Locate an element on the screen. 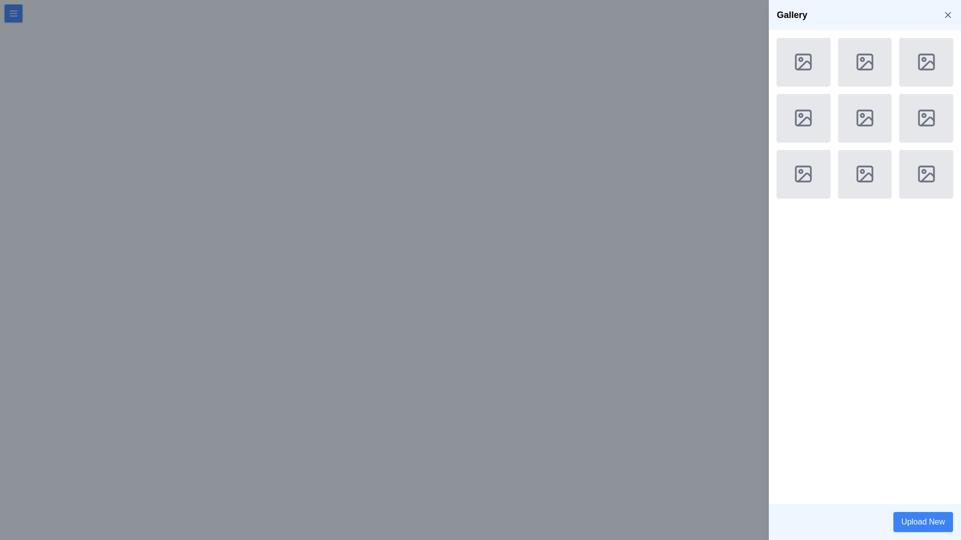 The width and height of the screenshot is (961, 540). the gallery icon located is located at coordinates (864, 173).